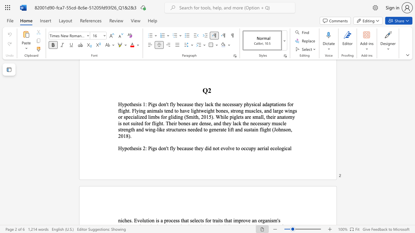 Image resolution: width=415 pixels, height=233 pixels. What do you see at coordinates (152, 148) in the screenshot?
I see `the subset text "gs" within the text "Hypothesis 2: Pigs"` at bounding box center [152, 148].